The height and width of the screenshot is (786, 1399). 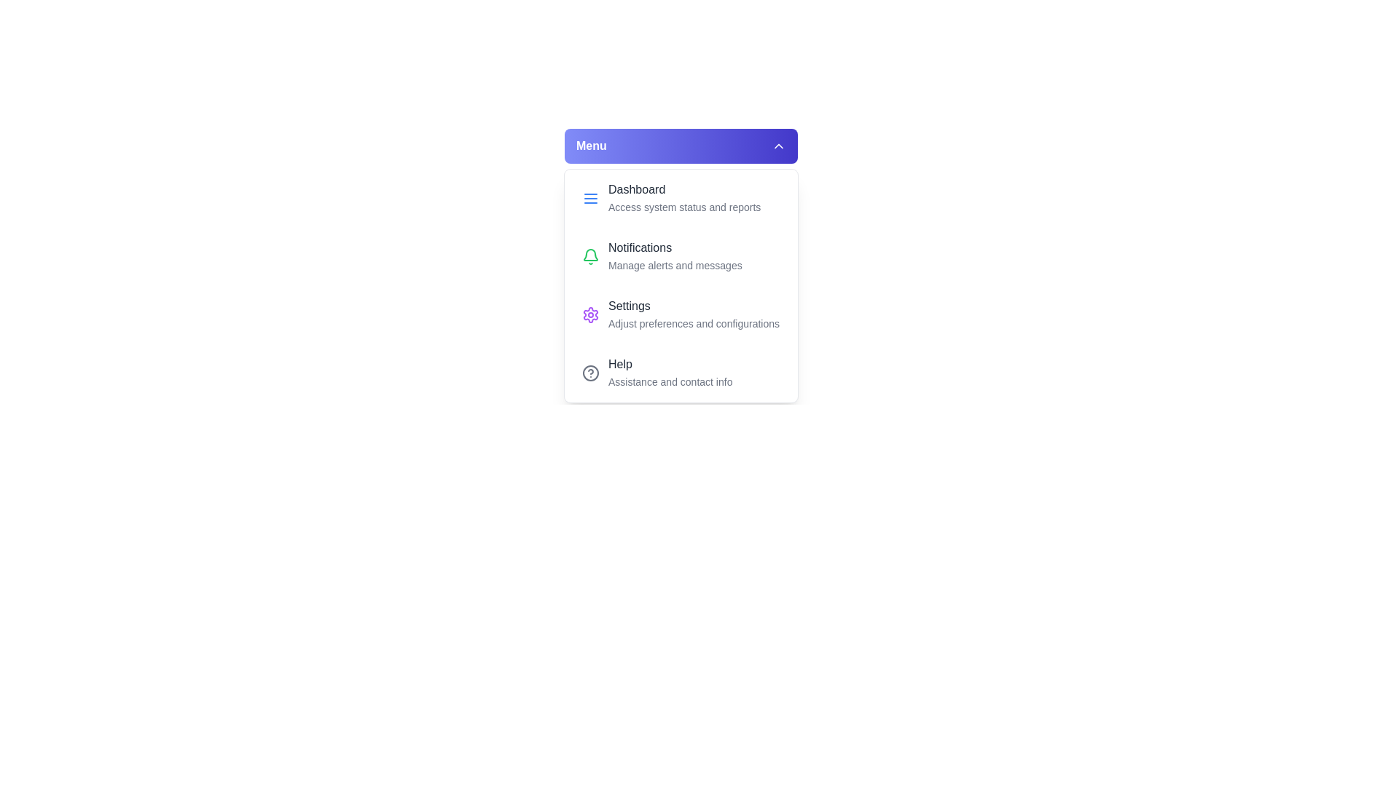 I want to click on the first menu item in the dropdown below the 'Menu' header, so click(x=681, y=199).